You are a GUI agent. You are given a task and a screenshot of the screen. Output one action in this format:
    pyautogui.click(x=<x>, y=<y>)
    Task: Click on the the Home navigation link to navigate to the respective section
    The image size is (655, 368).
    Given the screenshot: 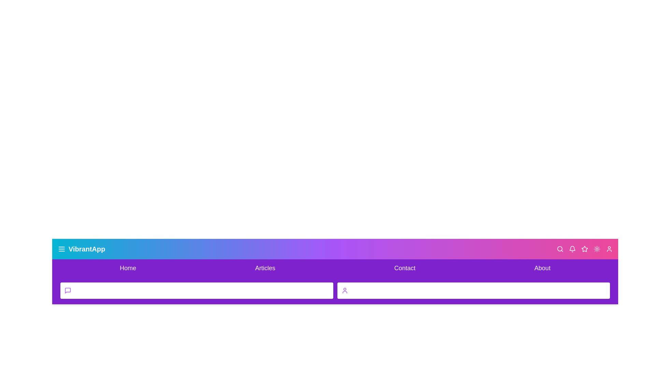 What is the action you would take?
    pyautogui.click(x=128, y=267)
    